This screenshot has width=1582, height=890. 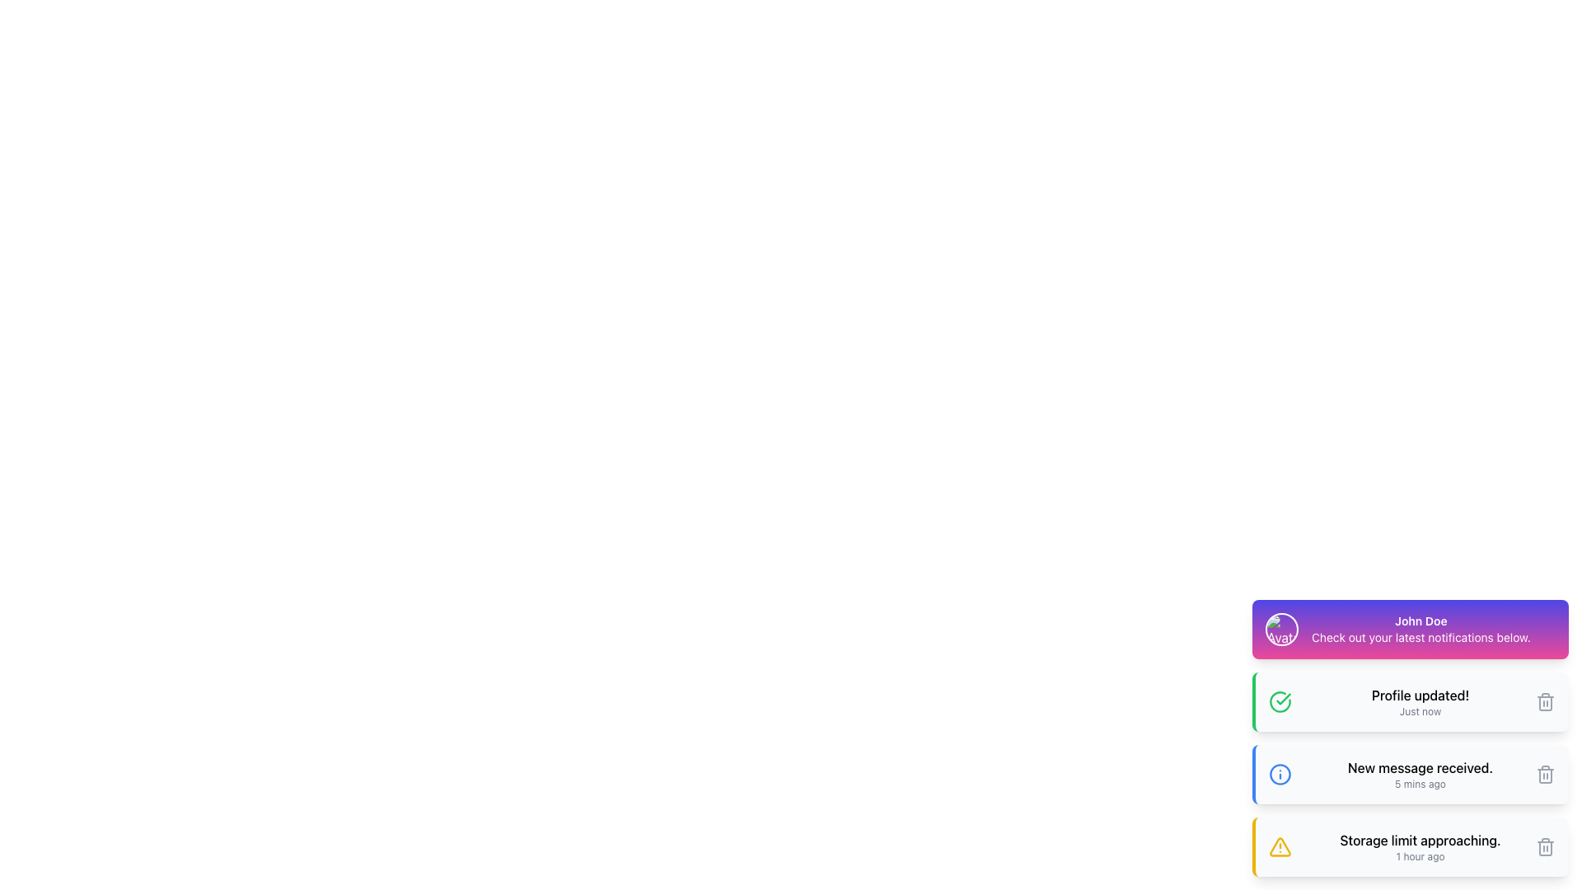 I want to click on the text label reading '1 hour ago' which is styled in light gray color, located under the notification message 'Storage limit approaching.', so click(x=1419, y=856).